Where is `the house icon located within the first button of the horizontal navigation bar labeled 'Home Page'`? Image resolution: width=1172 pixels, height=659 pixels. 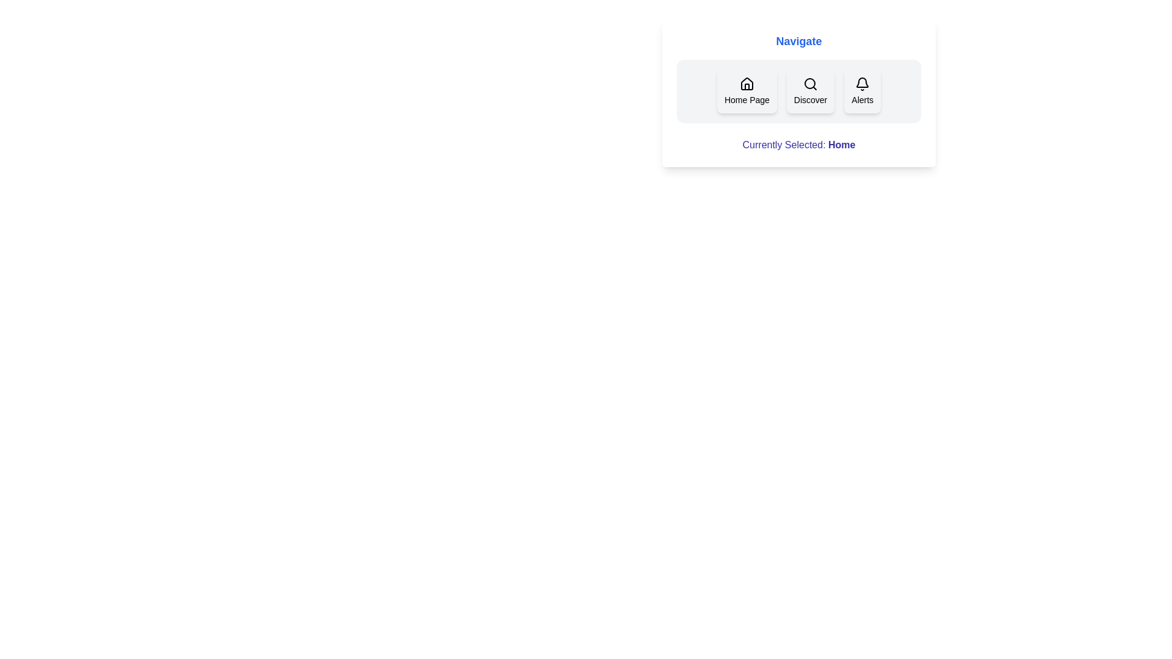
the house icon located within the first button of the horizontal navigation bar labeled 'Home Page' is located at coordinates (746, 83).